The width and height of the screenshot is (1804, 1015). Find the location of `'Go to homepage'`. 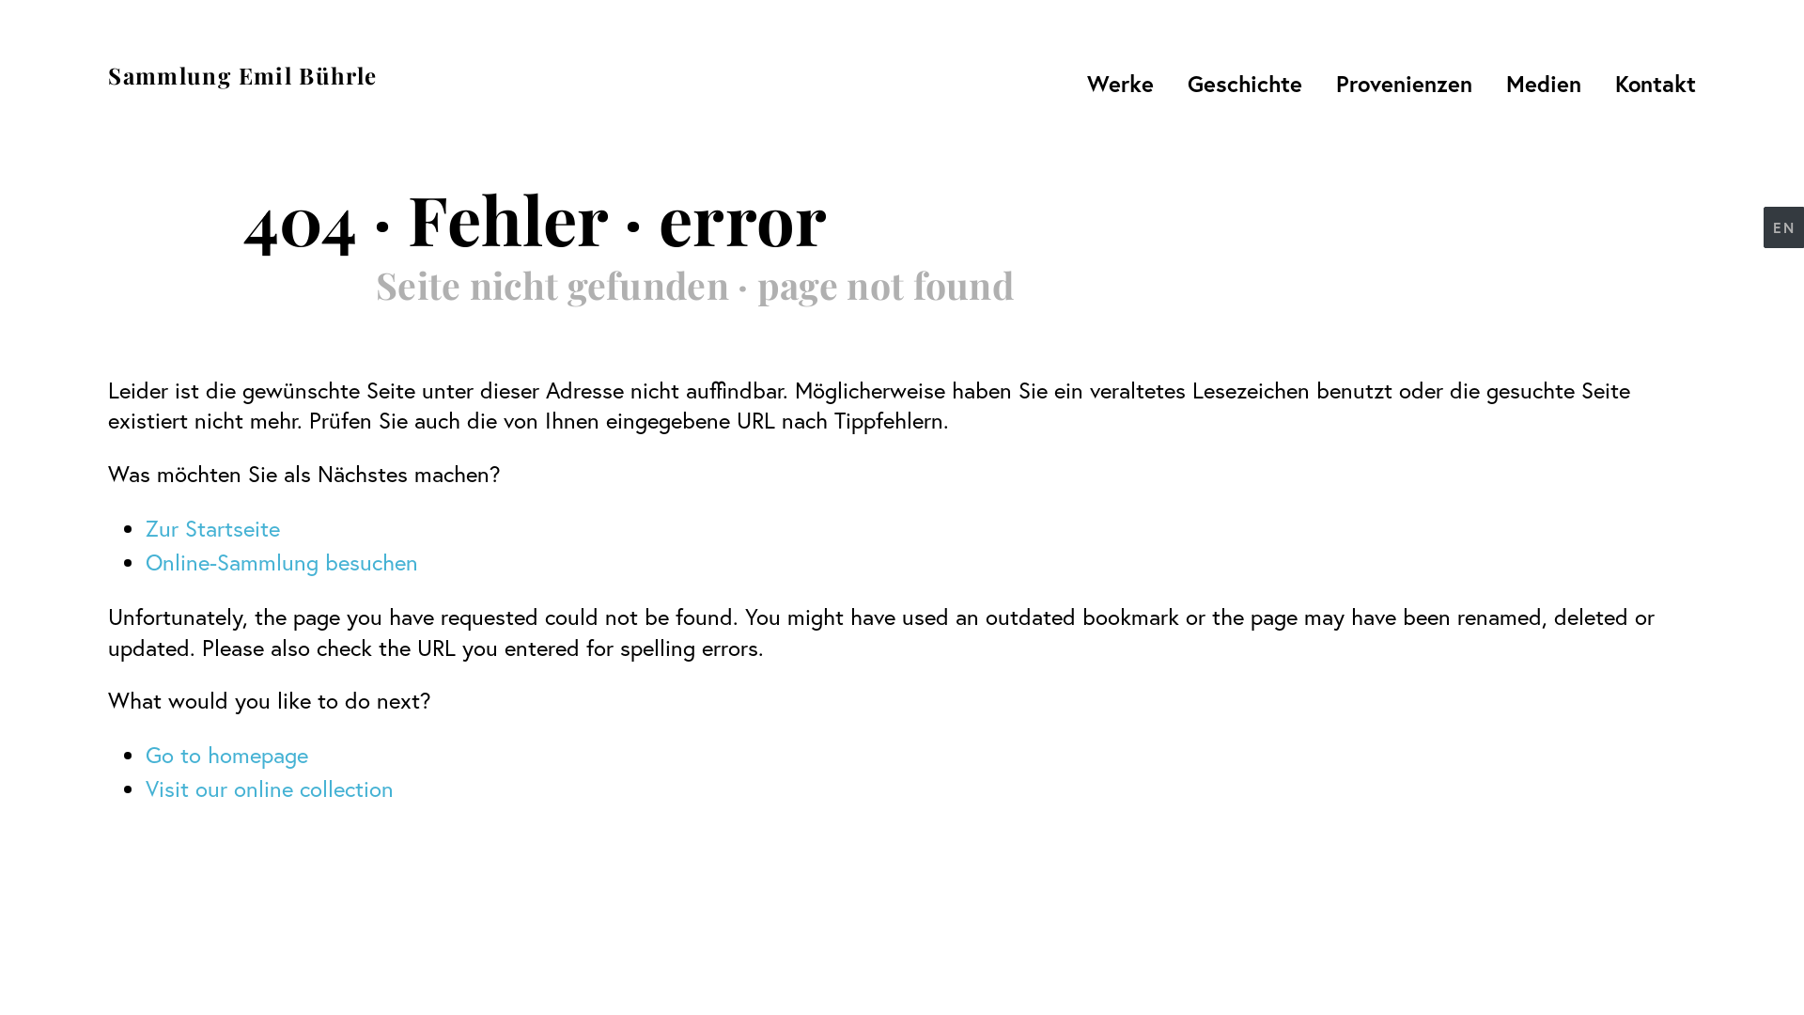

'Go to homepage' is located at coordinates (225, 753).